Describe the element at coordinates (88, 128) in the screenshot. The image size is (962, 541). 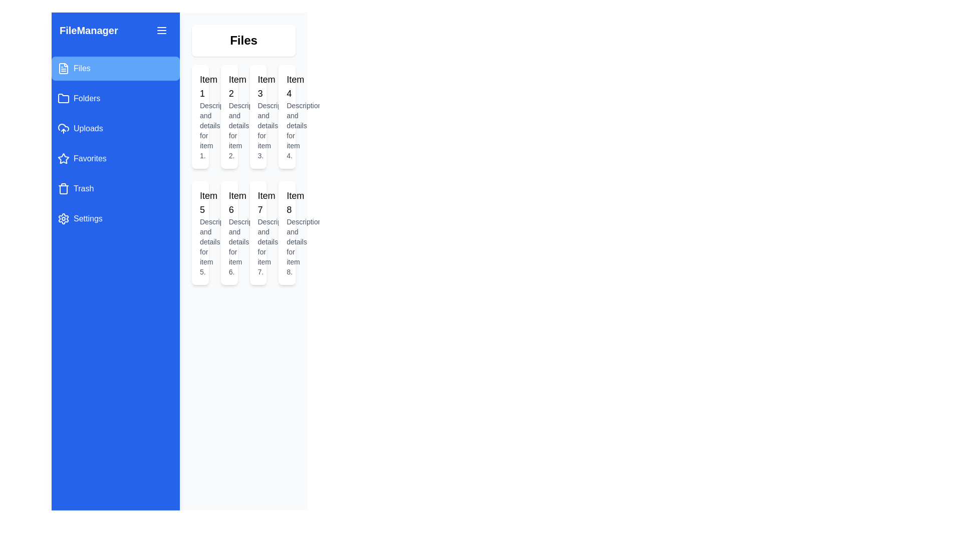
I see `the 'Uploads' text label in the navigation menu` at that location.